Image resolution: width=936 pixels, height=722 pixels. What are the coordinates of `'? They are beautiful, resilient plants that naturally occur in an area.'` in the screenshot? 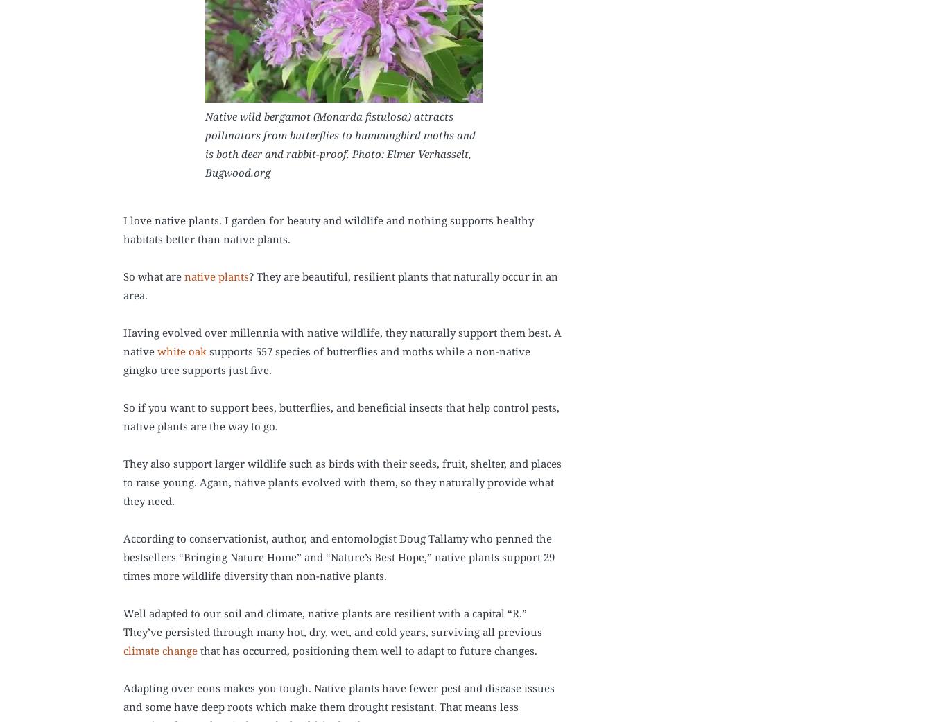 It's located at (123, 285).